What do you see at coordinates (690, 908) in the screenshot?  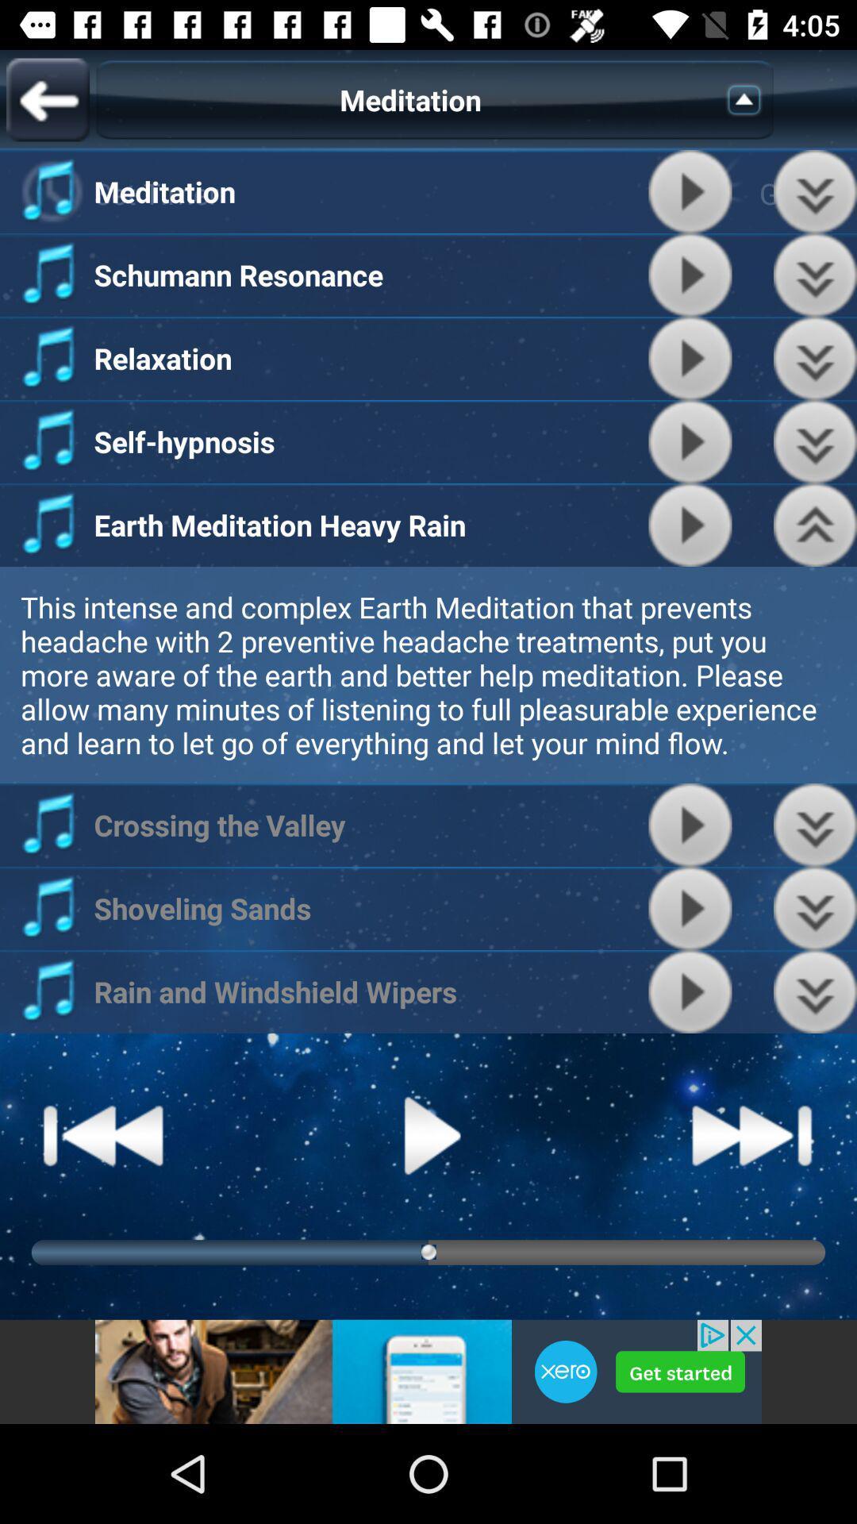 I see `stop` at bounding box center [690, 908].